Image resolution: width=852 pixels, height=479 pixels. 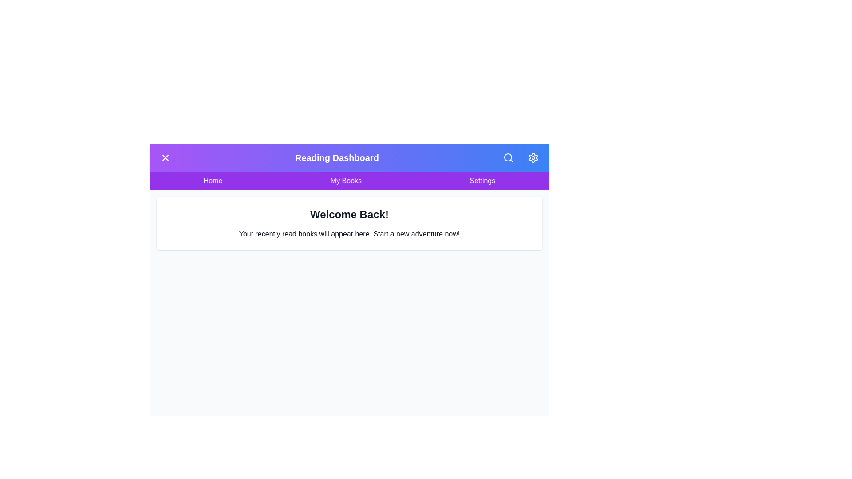 I want to click on the navigation link Settings to navigate to the respective section, so click(x=481, y=181).